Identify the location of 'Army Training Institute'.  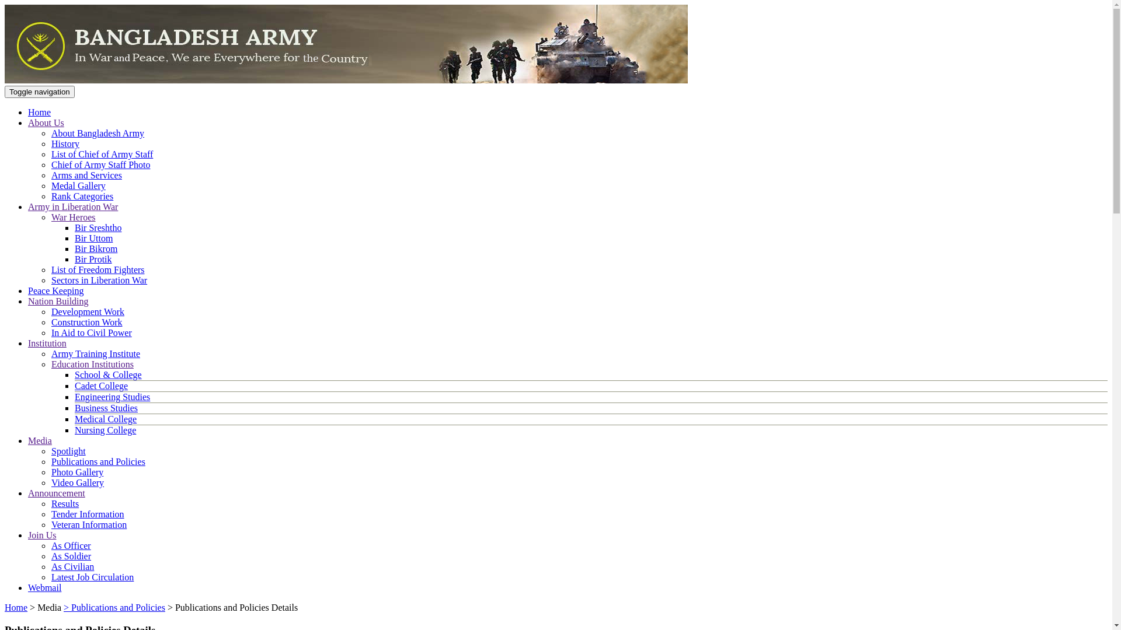
(95, 353).